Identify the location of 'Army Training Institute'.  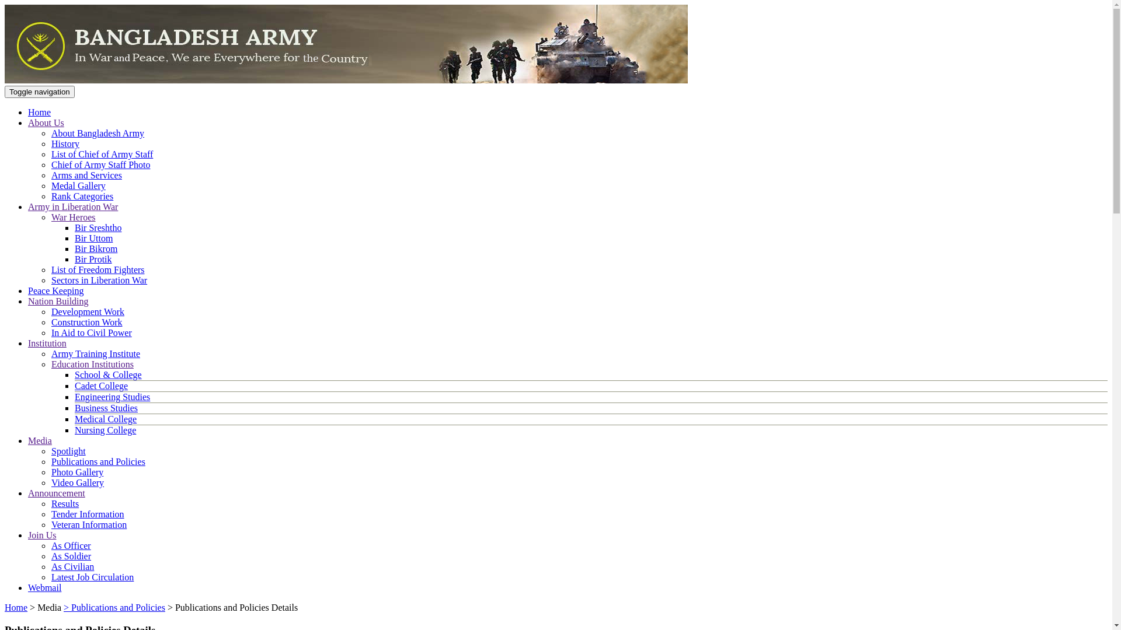
(95, 353).